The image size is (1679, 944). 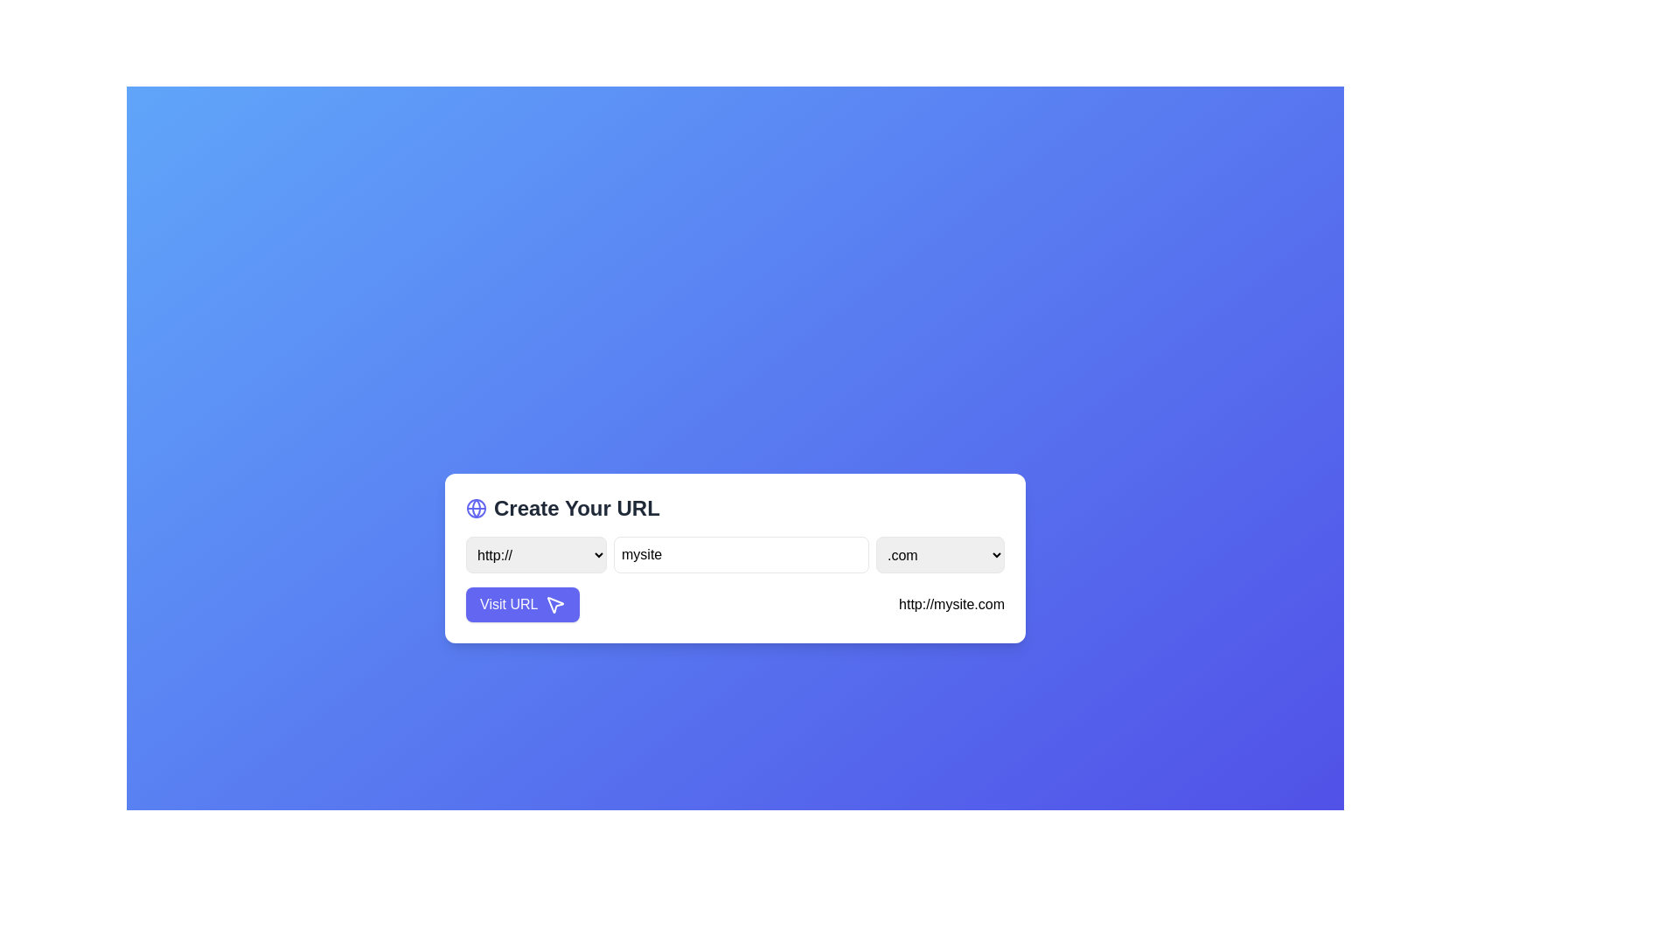 I want to click on the 'Visit URL' button located in the bottom-left corner of the URL creation module, so click(x=522, y=603).